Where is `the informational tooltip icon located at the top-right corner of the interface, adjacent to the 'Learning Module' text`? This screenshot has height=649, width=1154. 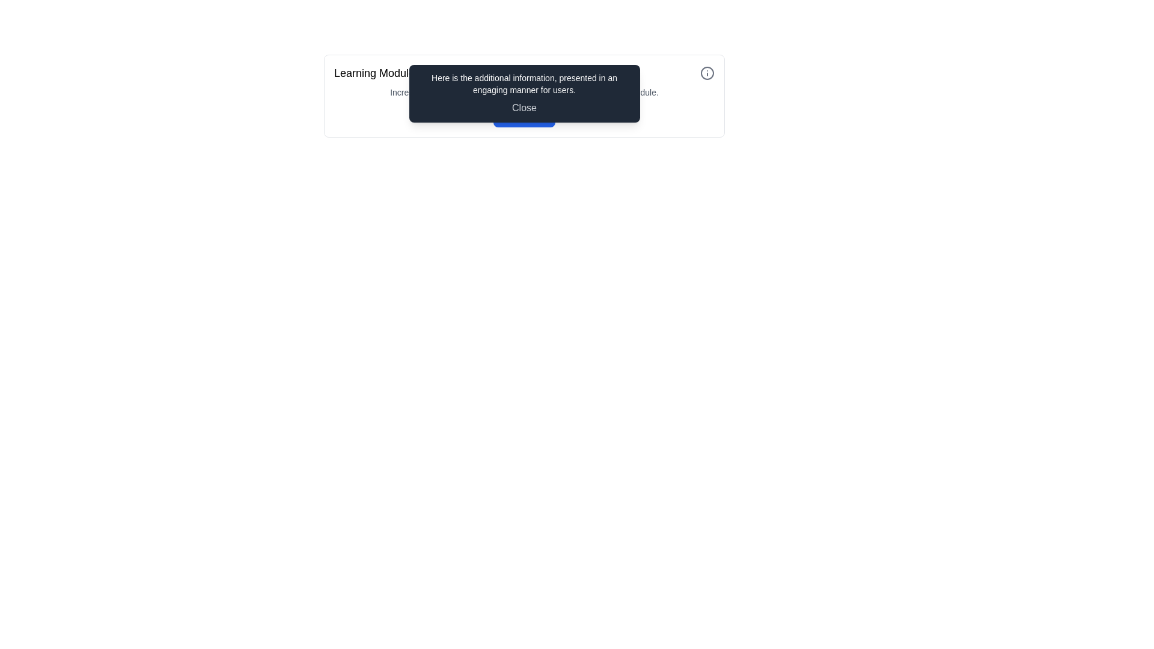
the informational tooltip icon located at the top-right corner of the interface, adjacent to the 'Learning Module' text is located at coordinates (707, 73).